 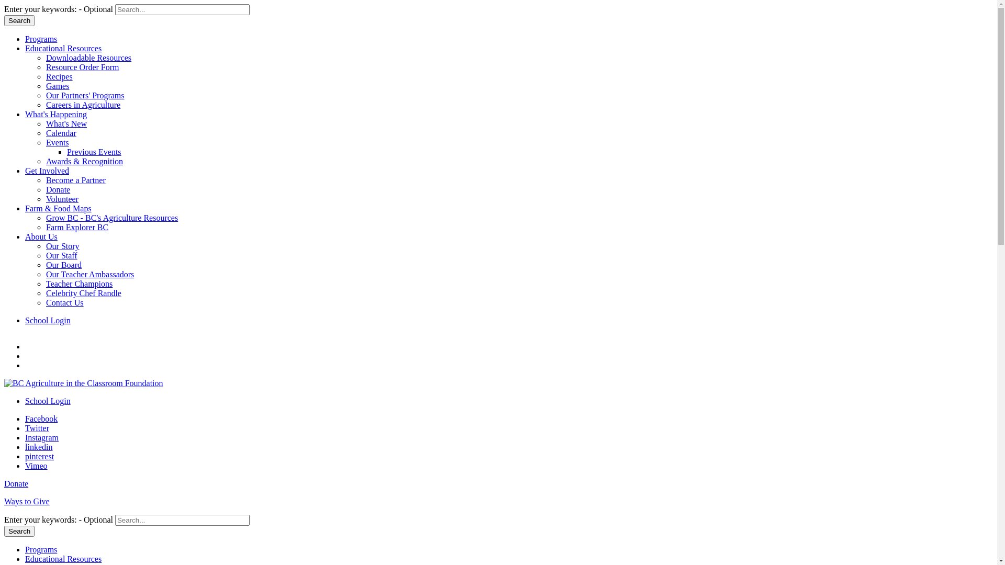 What do you see at coordinates (58, 208) in the screenshot?
I see `'Farm & Food Maps'` at bounding box center [58, 208].